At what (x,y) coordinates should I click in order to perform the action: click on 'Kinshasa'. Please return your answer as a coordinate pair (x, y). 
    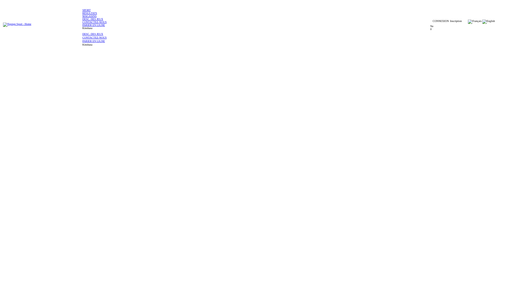
    Looking at the image, I should click on (109, 44).